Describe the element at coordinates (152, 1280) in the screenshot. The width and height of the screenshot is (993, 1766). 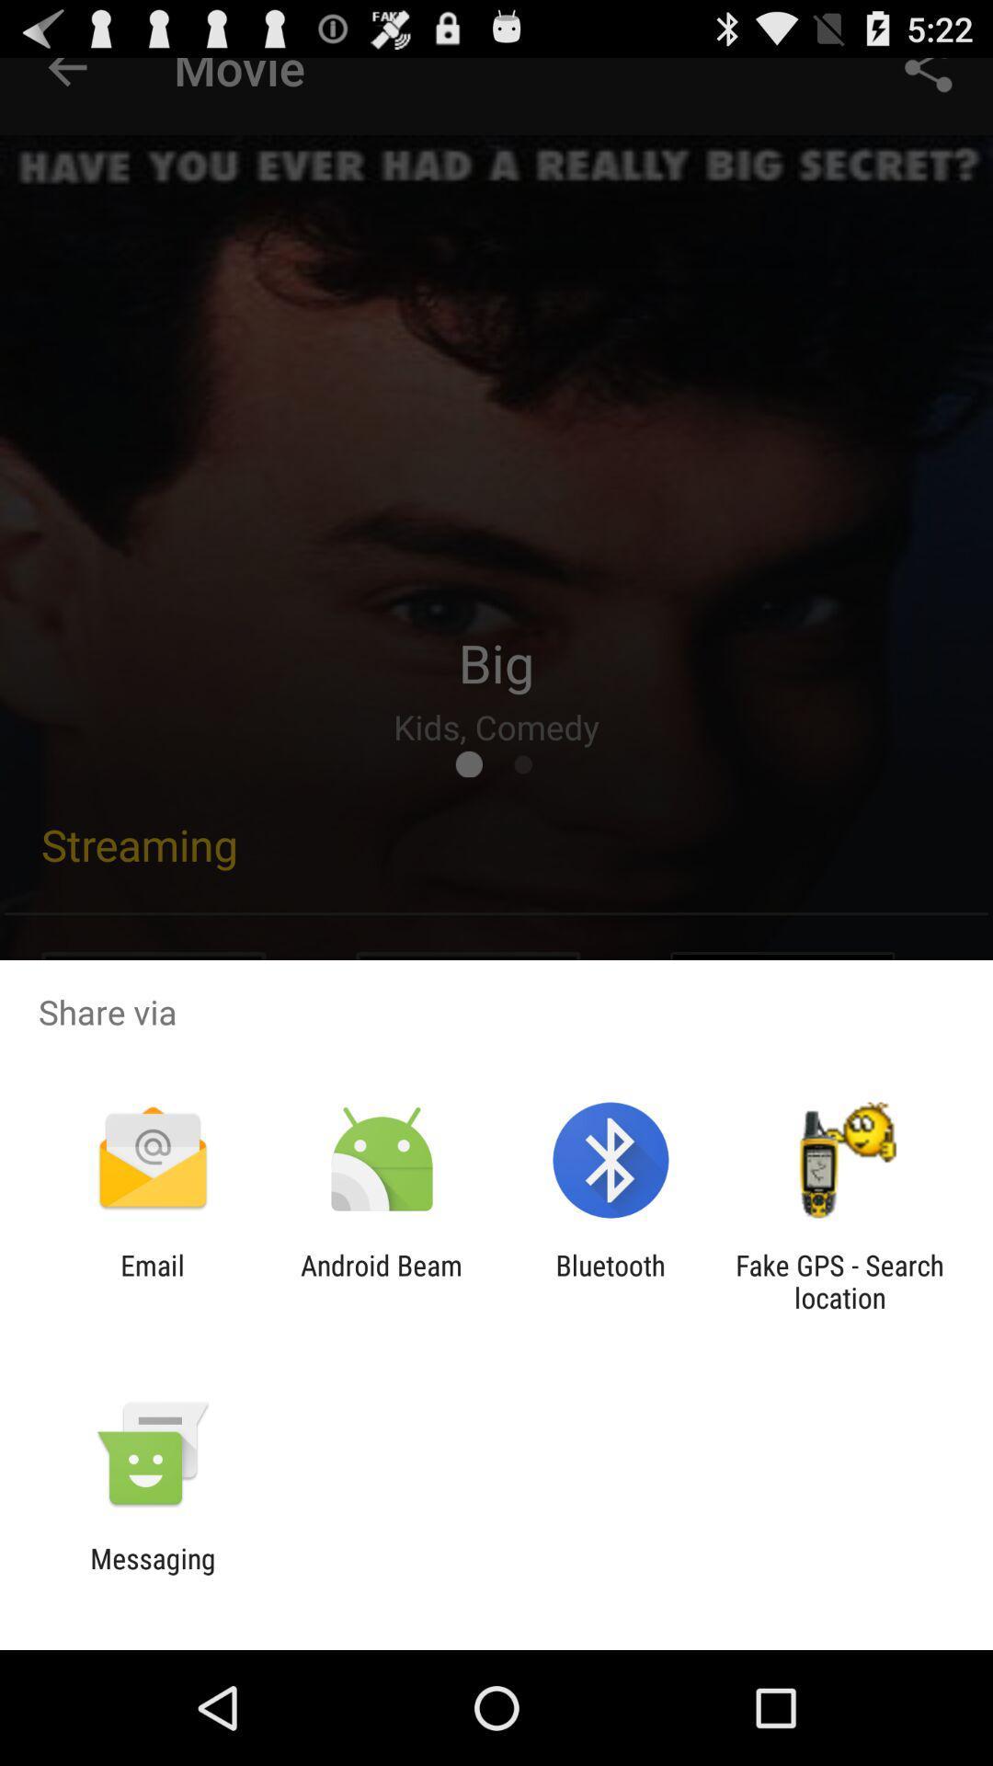
I see `item to the left of the android beam icon` at that location.